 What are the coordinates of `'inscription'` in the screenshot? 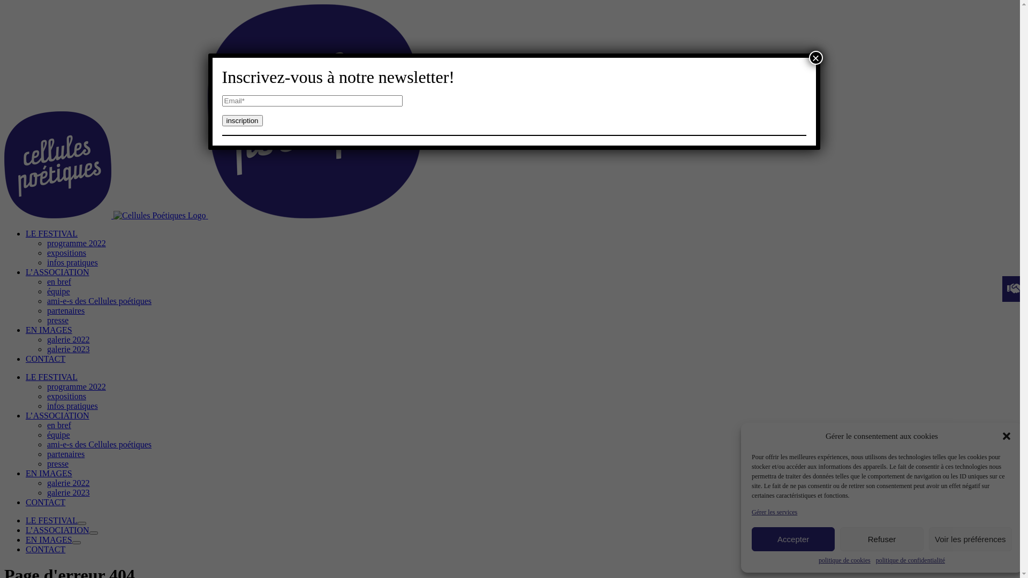 It's located at (241, 120).